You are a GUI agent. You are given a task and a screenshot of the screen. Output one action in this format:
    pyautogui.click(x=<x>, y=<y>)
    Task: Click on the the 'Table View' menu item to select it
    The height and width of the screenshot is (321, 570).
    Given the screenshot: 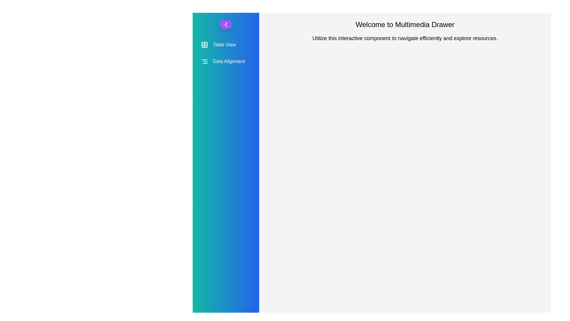 What is the action you would take?
    pyautogui.click(x=226, y=44)
    